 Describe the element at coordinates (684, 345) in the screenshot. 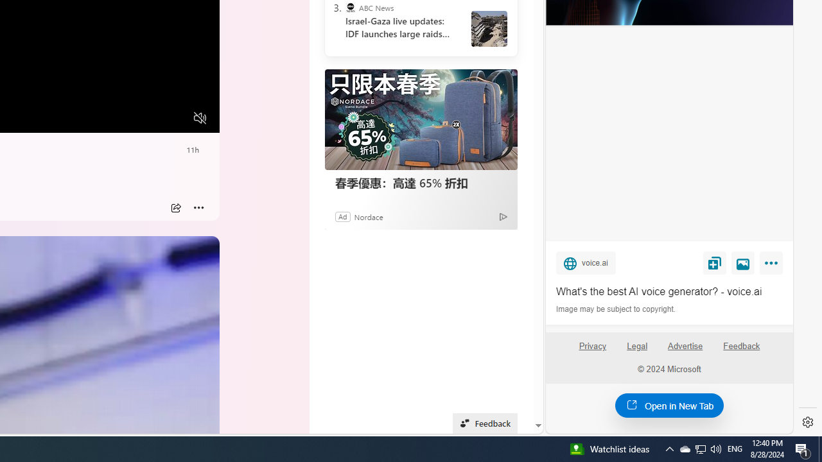

I see `'Advertise'` at that location.